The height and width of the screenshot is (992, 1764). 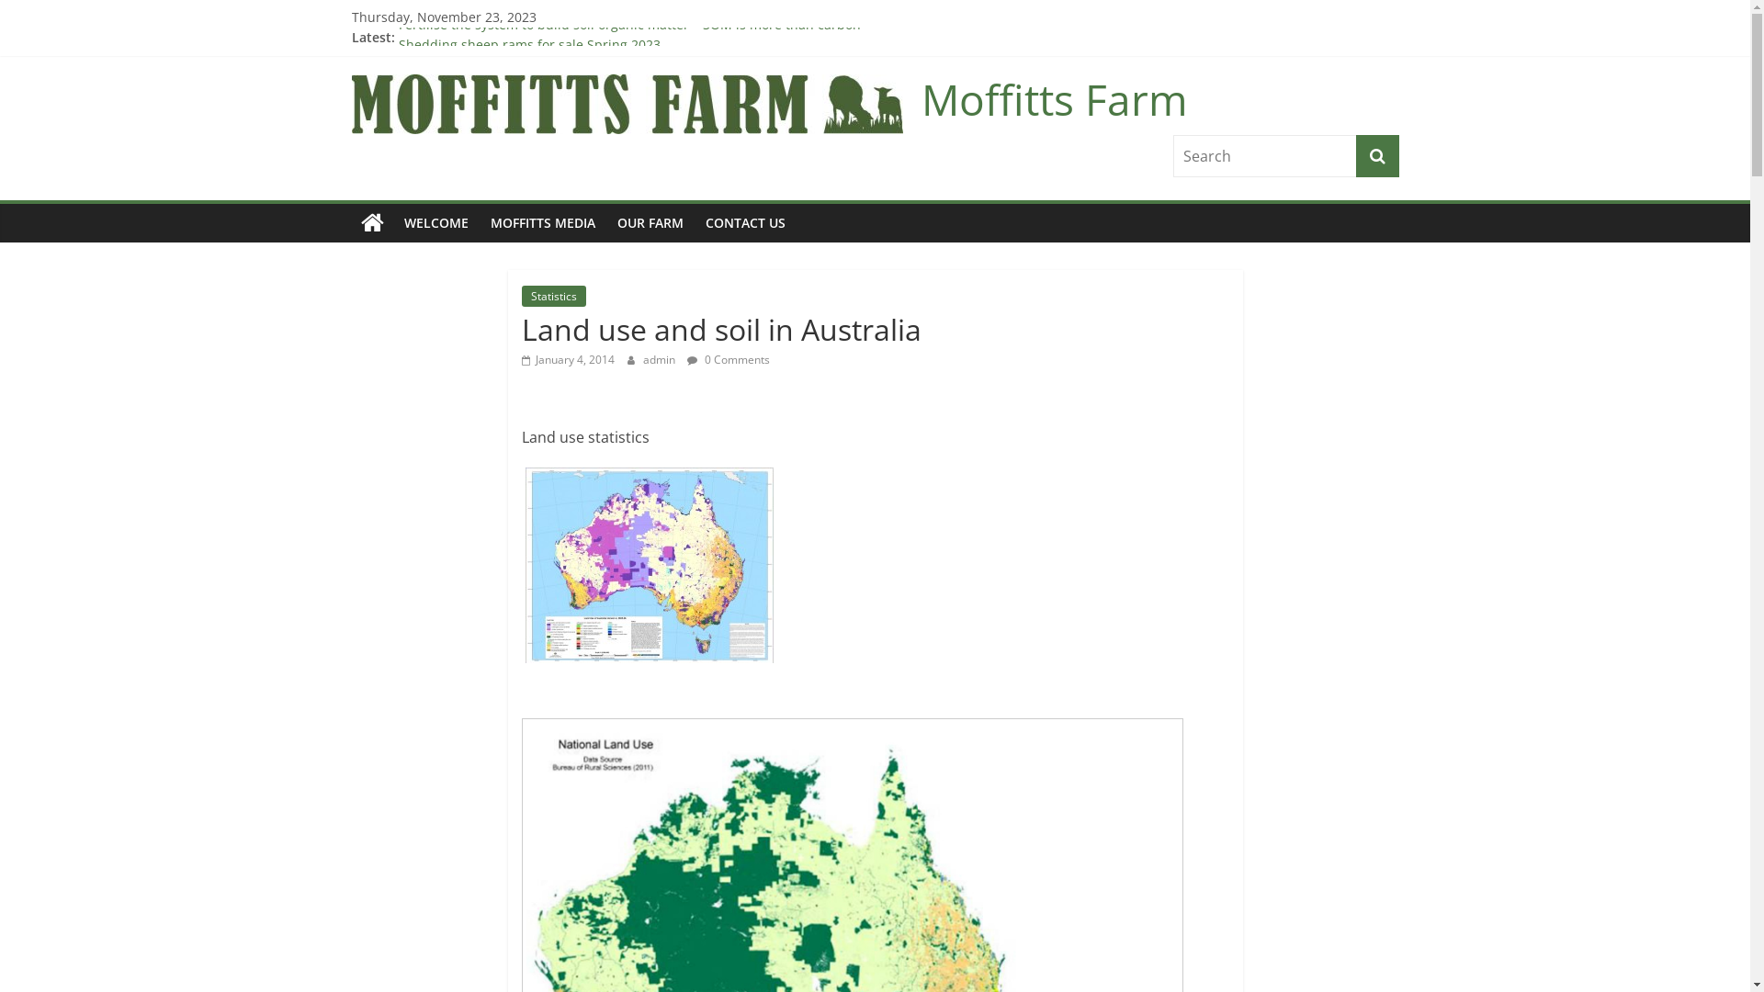 I want to click on 'CONTACT US', so click(x=745, y=222).